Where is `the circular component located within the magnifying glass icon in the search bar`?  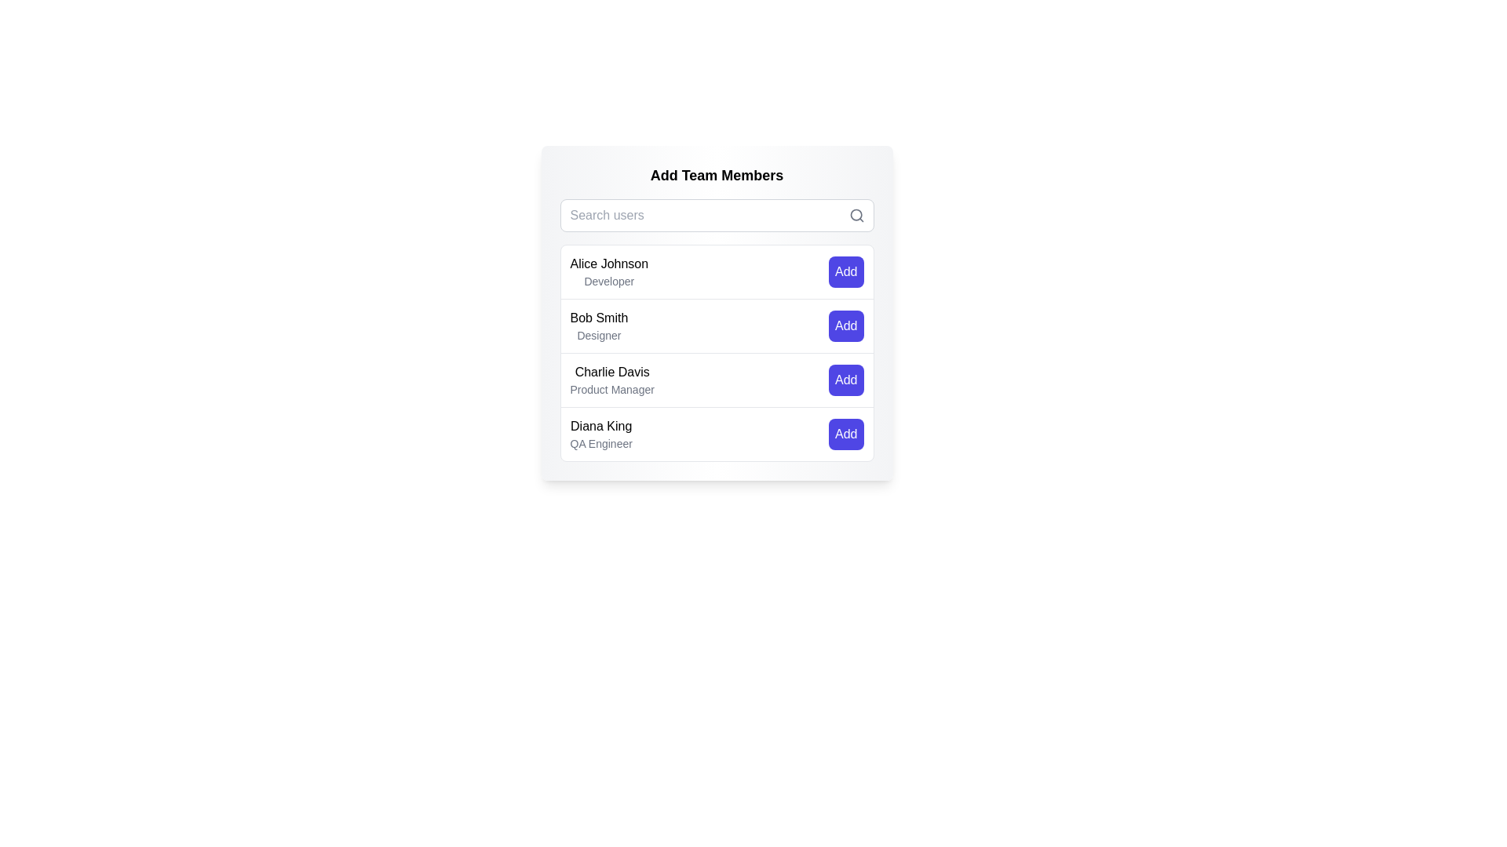
the circular component located within the magnifying glass icon in the search bar is located at coordinates (855, 215).